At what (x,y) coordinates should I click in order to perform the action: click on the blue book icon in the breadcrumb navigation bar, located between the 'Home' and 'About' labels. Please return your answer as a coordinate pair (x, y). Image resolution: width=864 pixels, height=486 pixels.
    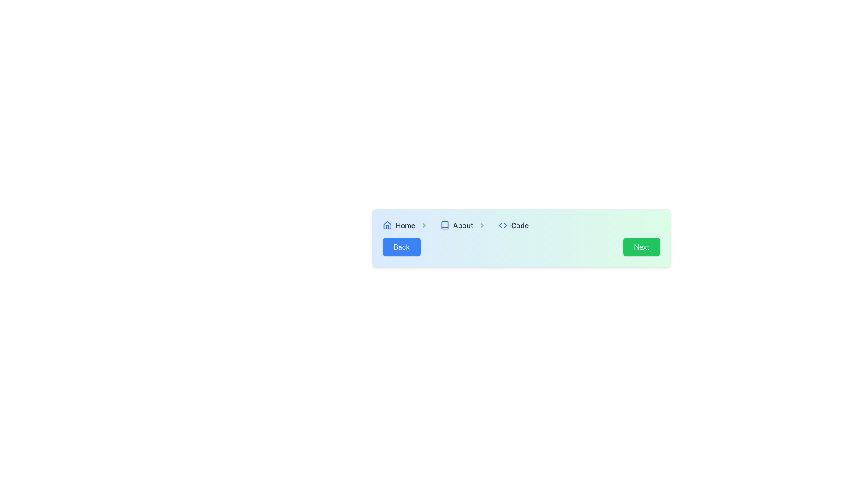
    Looking at the image, I should click on (445, 225).